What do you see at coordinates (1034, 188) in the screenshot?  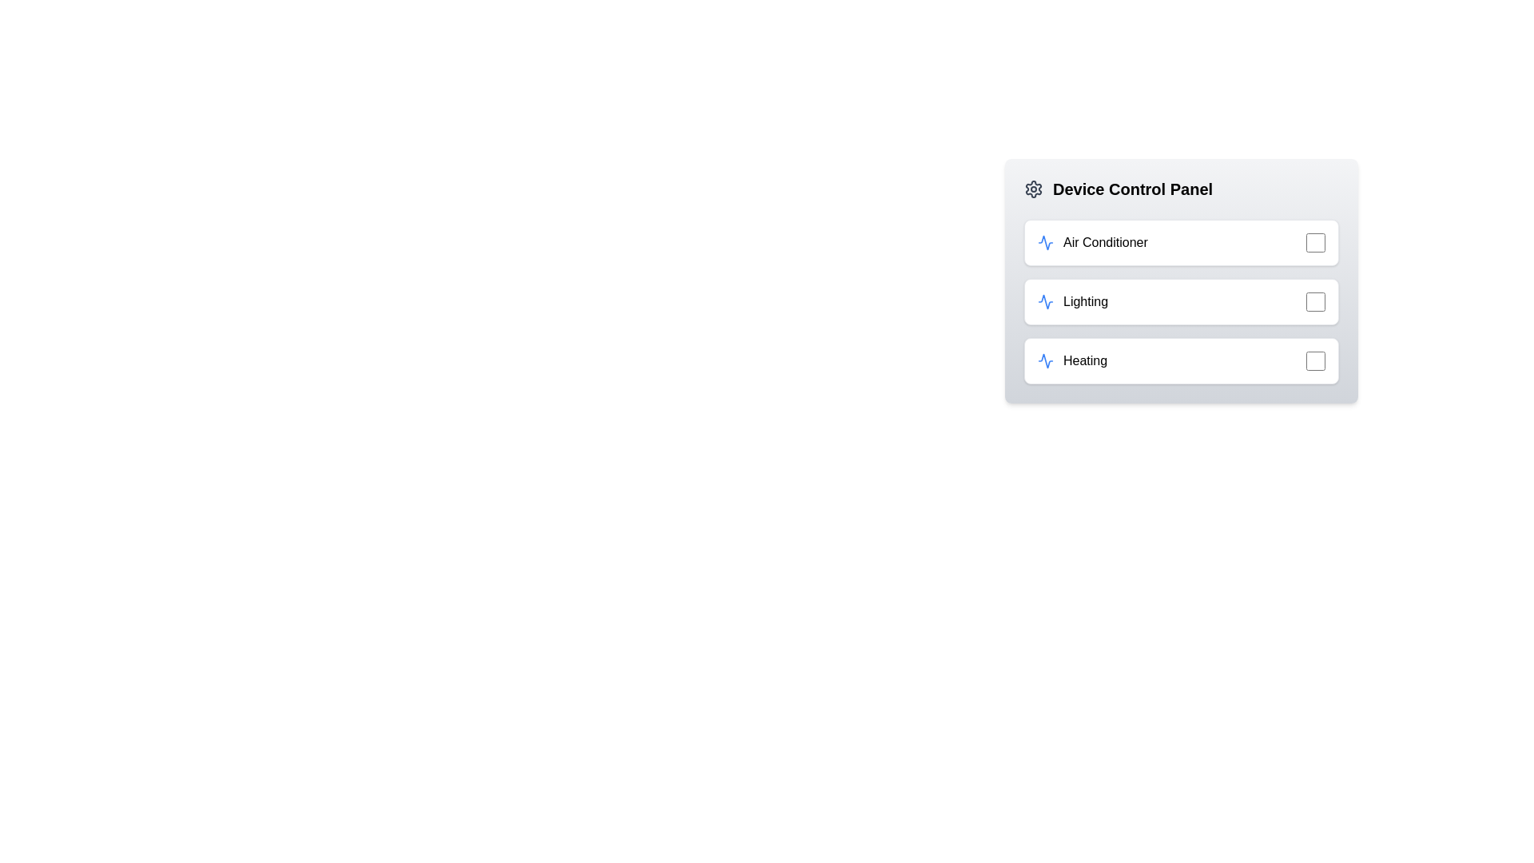 I see `the gear icon to open the settings menu` at bounding box center [1034, 188].